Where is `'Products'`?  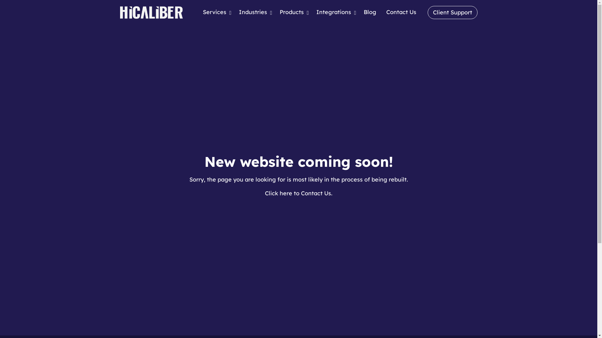 'Products' is located at coordinates (293, 12).